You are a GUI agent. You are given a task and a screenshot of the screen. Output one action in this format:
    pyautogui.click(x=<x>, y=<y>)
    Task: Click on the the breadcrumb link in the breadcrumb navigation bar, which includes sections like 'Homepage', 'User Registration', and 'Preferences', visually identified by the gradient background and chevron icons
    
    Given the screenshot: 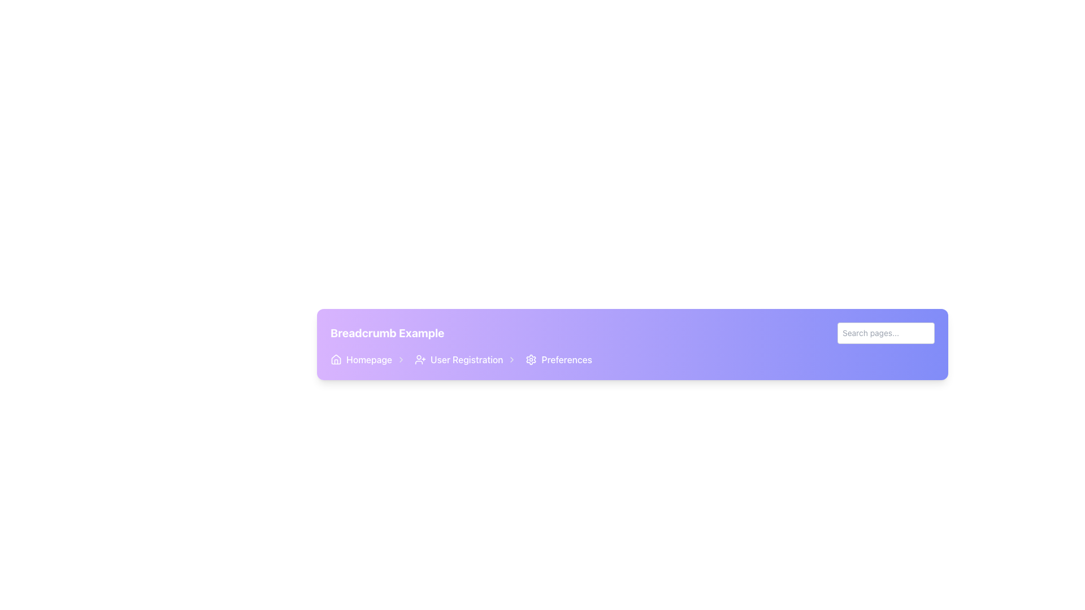 What is the action you would take?
    pyautogui.click(x=632, y=359)
    